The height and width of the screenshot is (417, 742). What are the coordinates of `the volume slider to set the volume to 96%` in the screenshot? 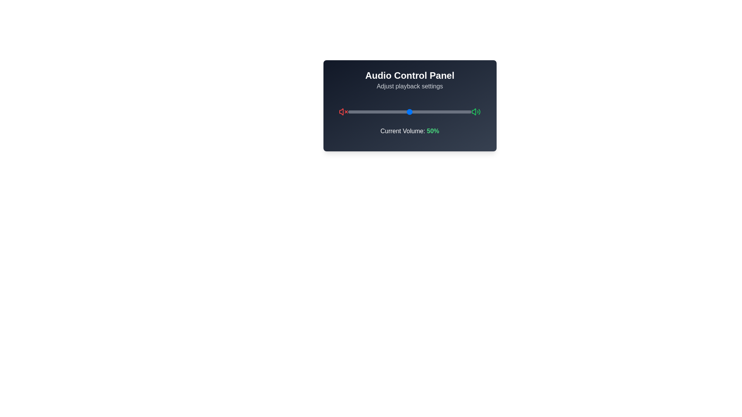 It's located at (466, 112).